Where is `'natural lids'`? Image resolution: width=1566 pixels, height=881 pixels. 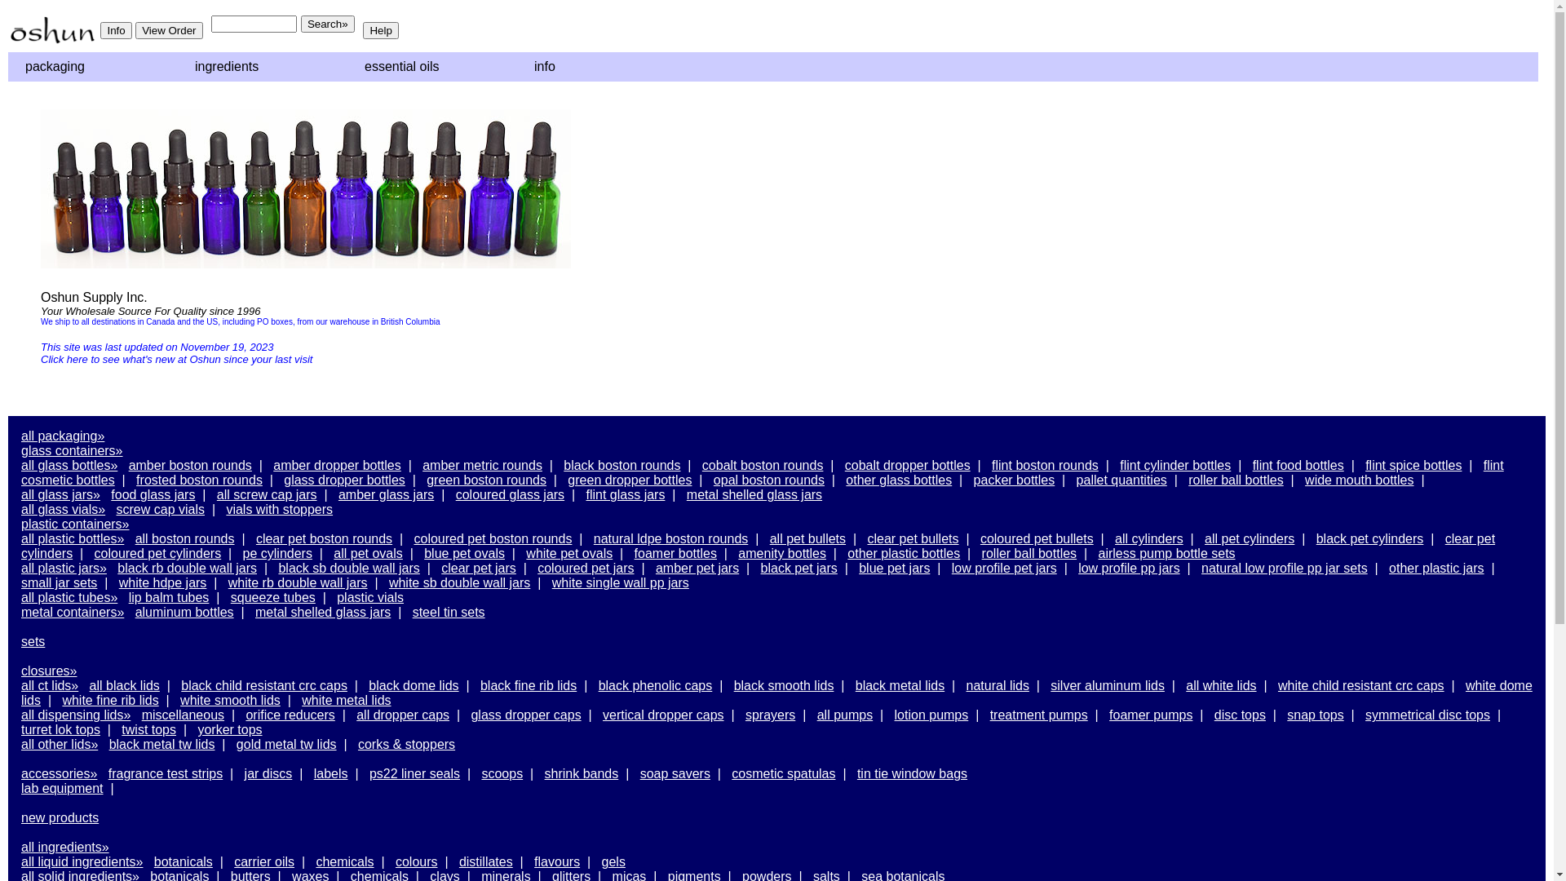
'natural lids' is located at coordinates (997, 685).